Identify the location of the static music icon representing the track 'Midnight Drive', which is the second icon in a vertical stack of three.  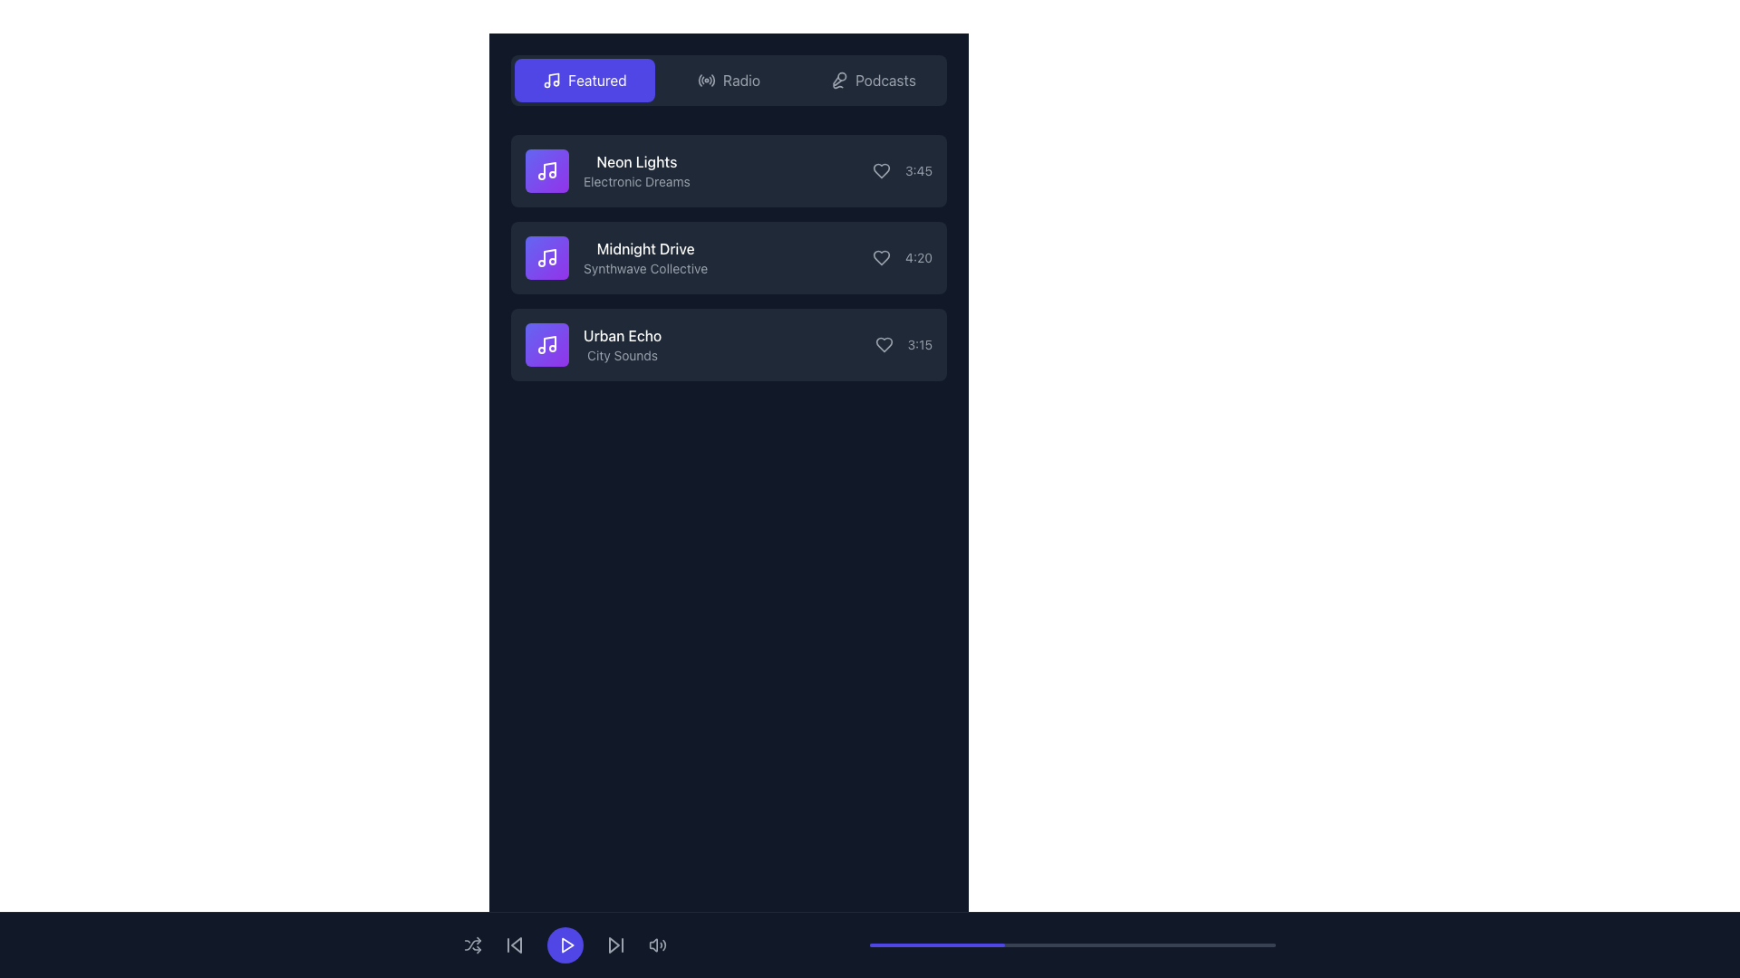
(546, 258).